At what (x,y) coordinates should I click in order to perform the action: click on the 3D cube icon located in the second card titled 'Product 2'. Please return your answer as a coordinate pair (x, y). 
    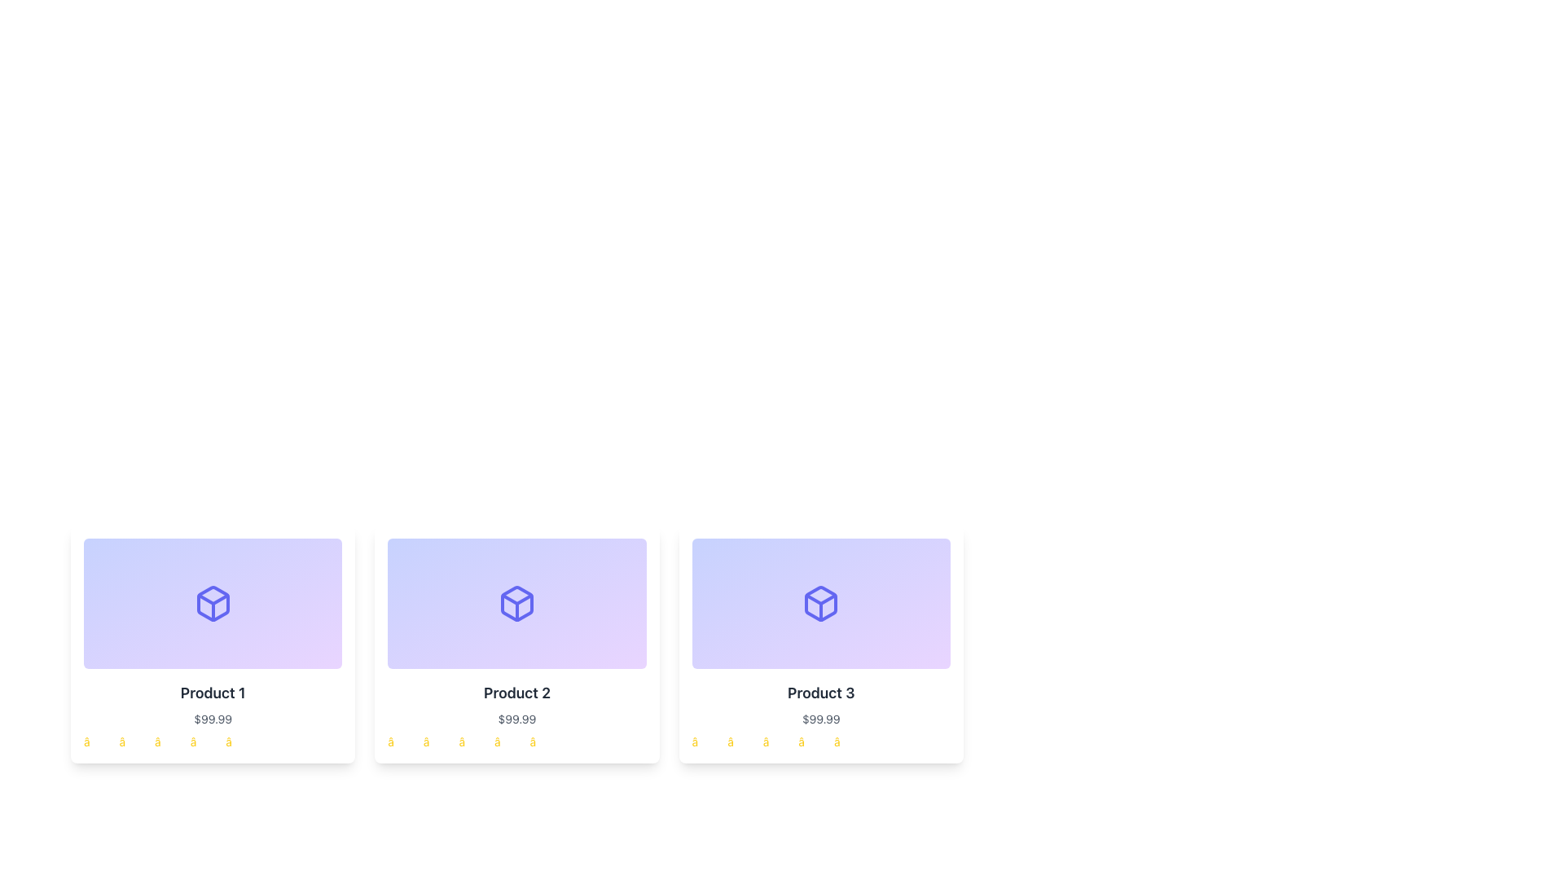
    Looking at the image, I should click on (516, 603).